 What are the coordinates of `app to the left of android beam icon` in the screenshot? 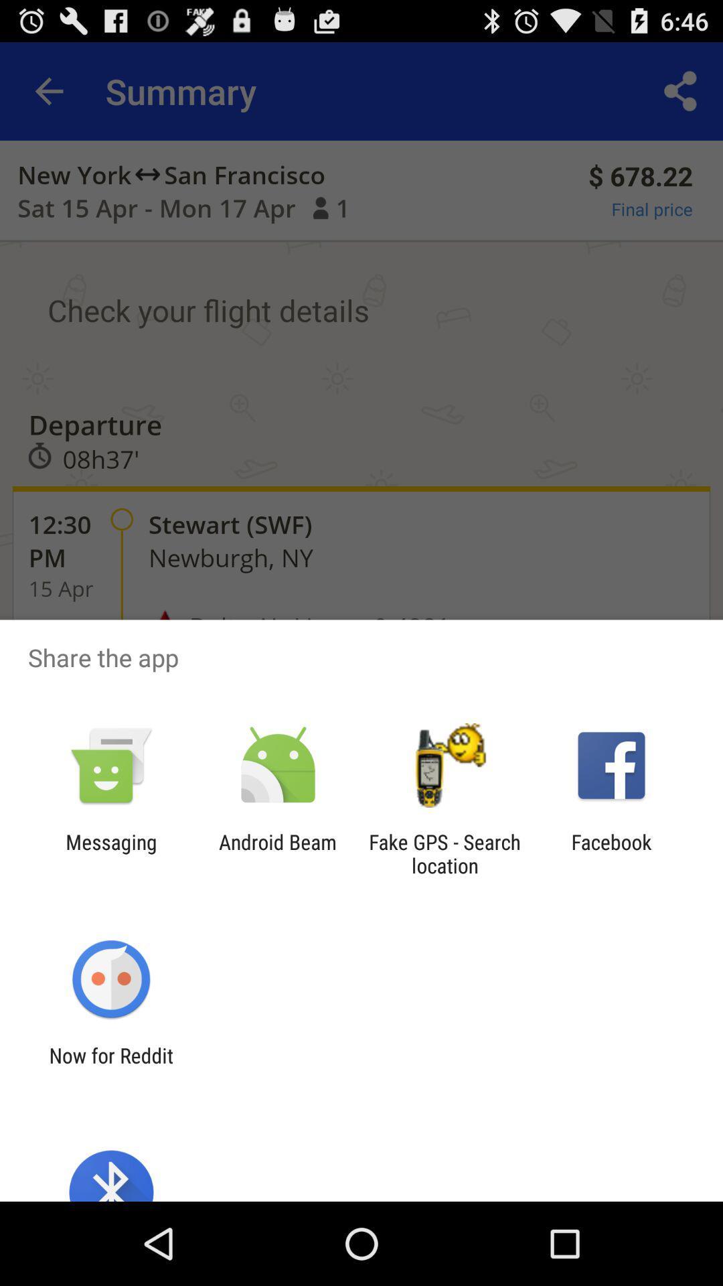 It's located at (110, 853).